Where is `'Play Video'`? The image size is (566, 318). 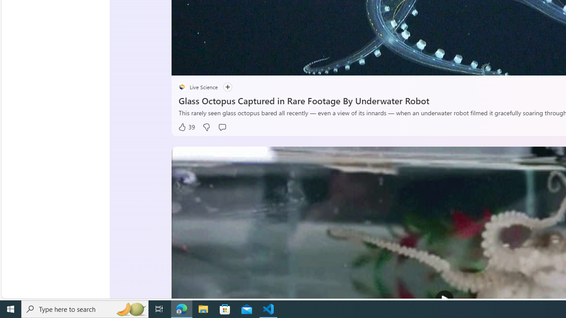
'Play Video' is located at coordinates (444, 299).